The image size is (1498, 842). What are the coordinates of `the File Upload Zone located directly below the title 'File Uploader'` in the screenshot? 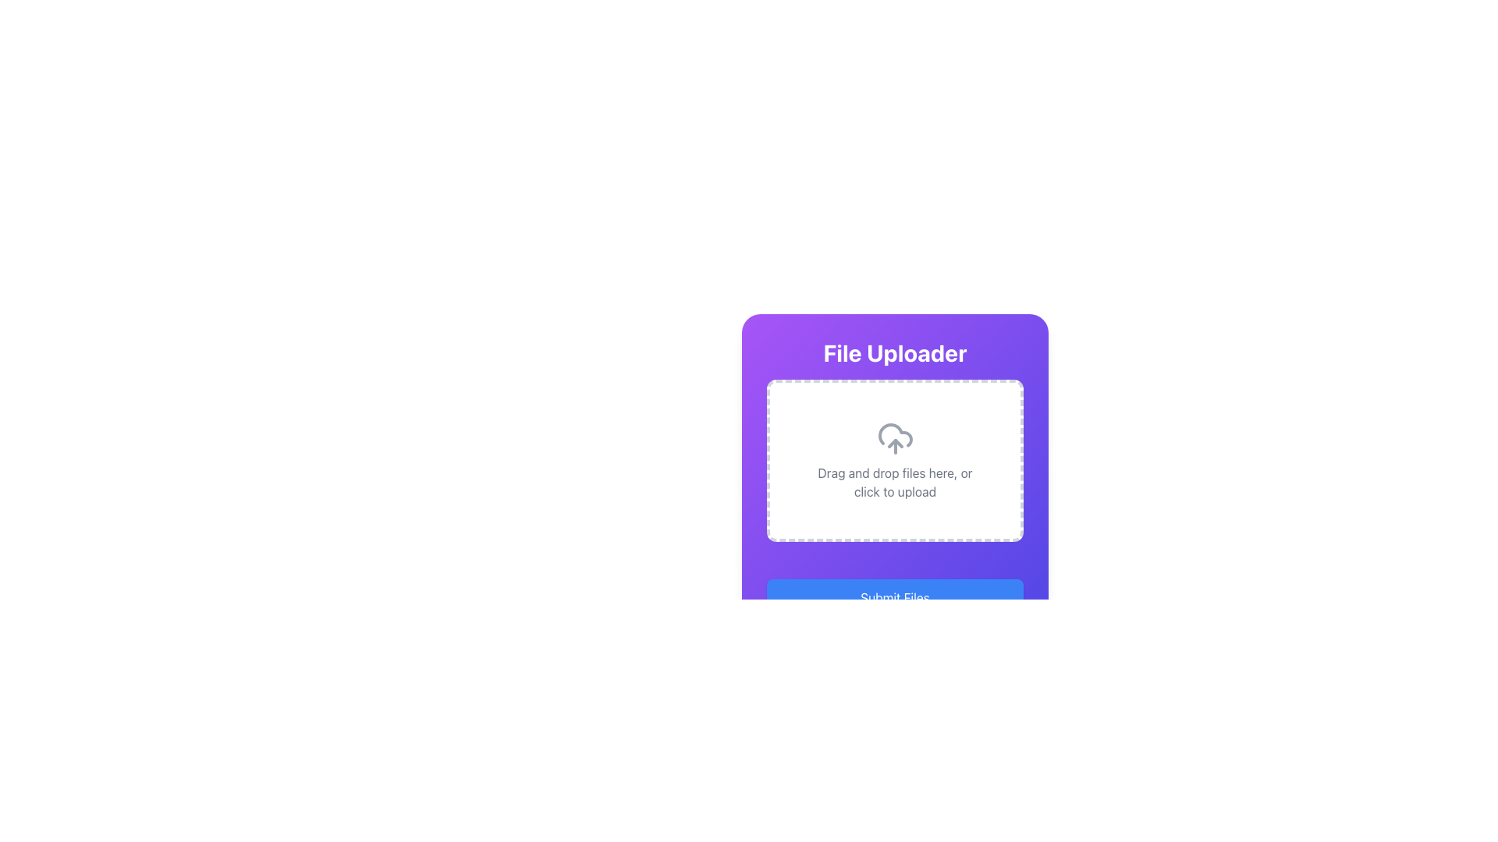 It's located at (895, 459).